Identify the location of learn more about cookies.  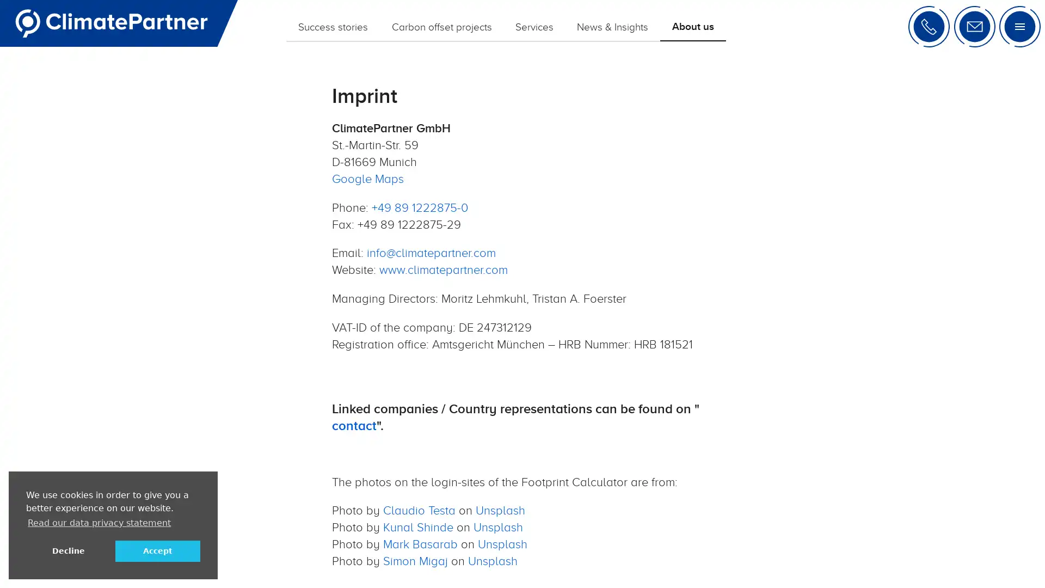
(99, 522).